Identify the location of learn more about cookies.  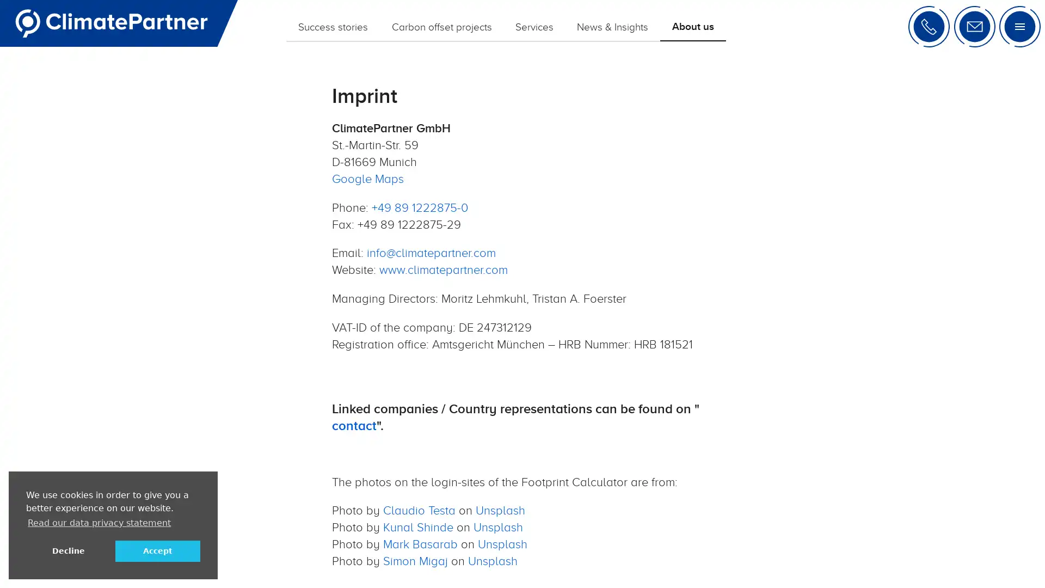
(99, 522).